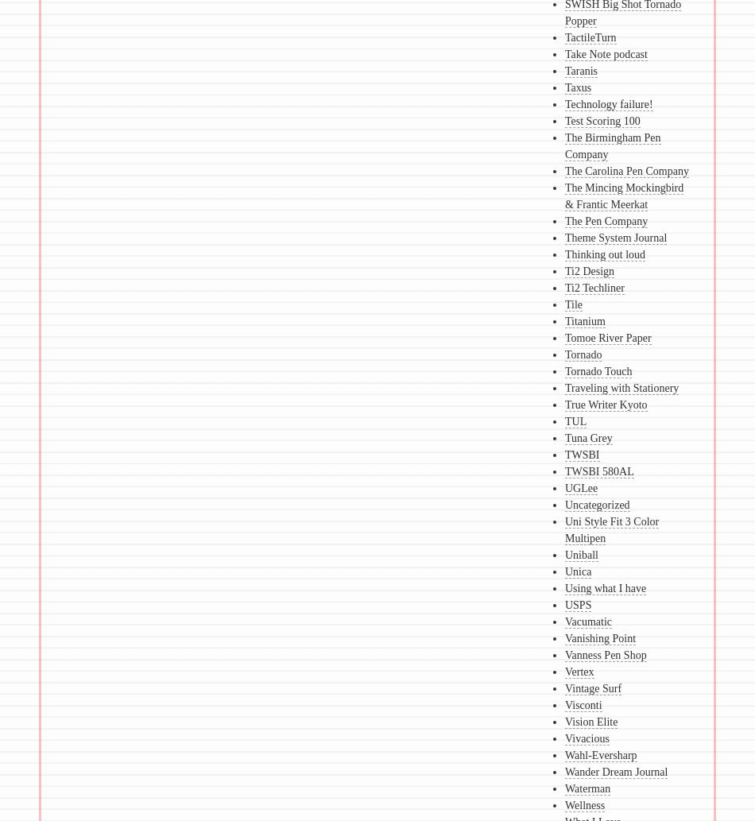 Image resolution: width=755 pixels, height=821 pixels. I want to click on 'TUL', so click(574, 420).